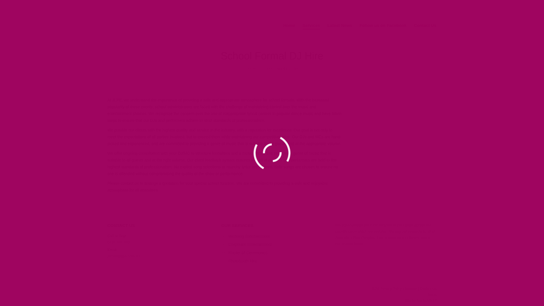 This screenshot has width=544, height=306. Describe the element at coordinates (426, 300) in the screenshot. I see `'Top Notch I.T'` at that location.